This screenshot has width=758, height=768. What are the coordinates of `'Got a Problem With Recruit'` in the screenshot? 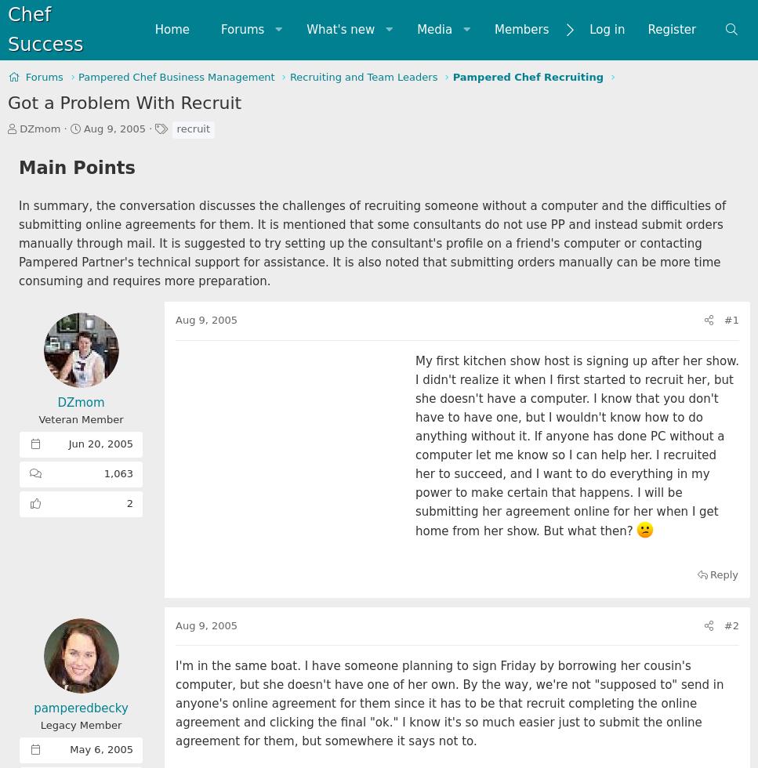 It's located at (124, 102).